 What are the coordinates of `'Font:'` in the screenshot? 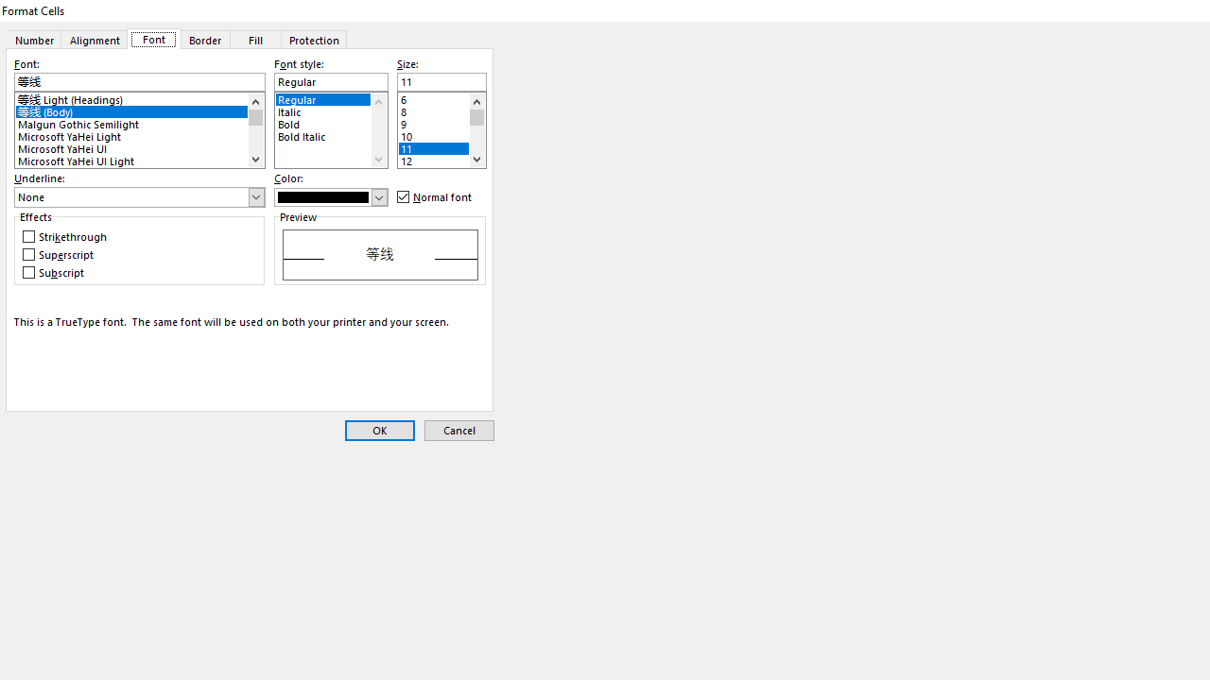 It's located at (139, 81).